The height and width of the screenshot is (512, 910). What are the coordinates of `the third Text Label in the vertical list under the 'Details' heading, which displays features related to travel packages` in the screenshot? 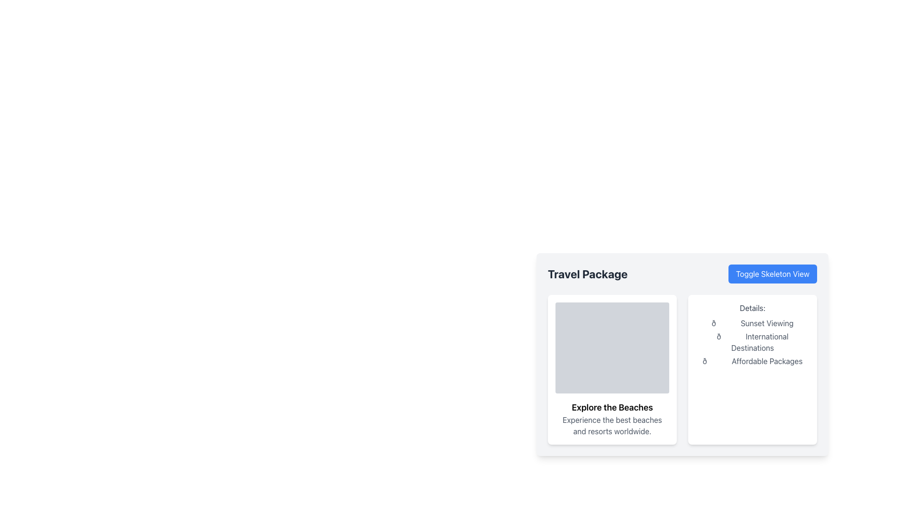 It's located at (752, 361).